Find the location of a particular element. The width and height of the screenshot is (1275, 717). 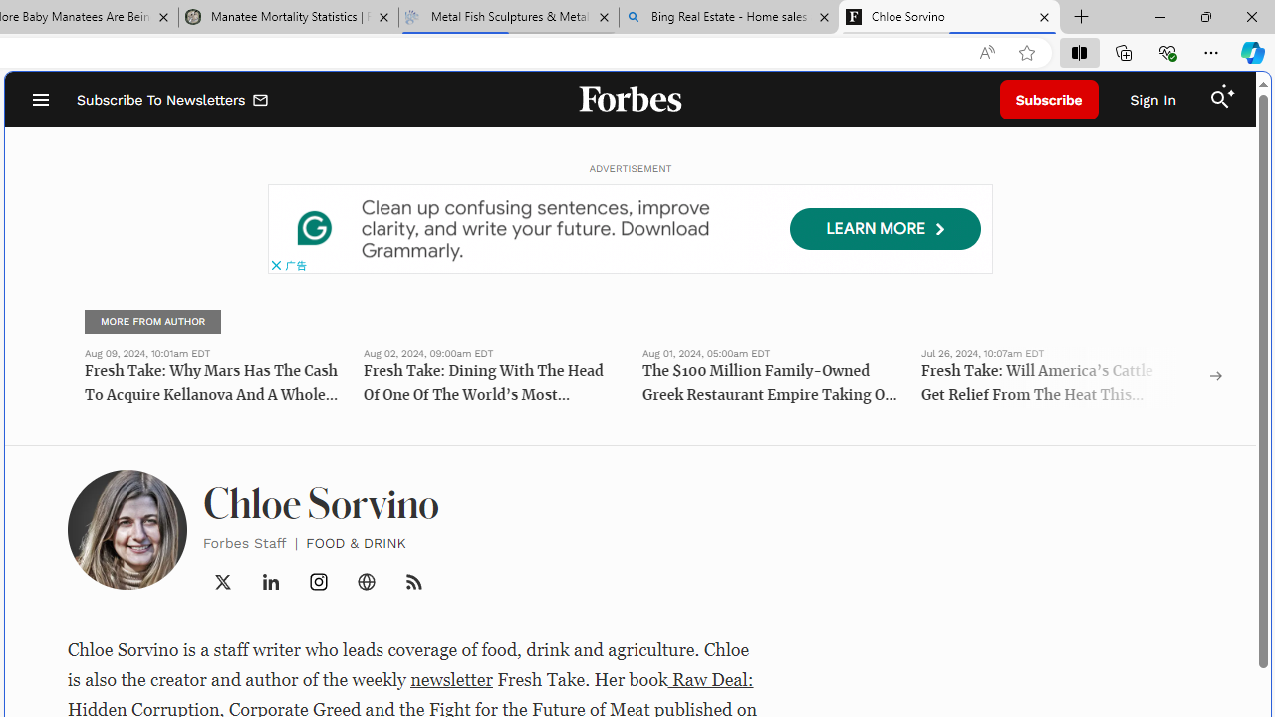

'Chloe Sorvino' is located at coordinates (948, 17).